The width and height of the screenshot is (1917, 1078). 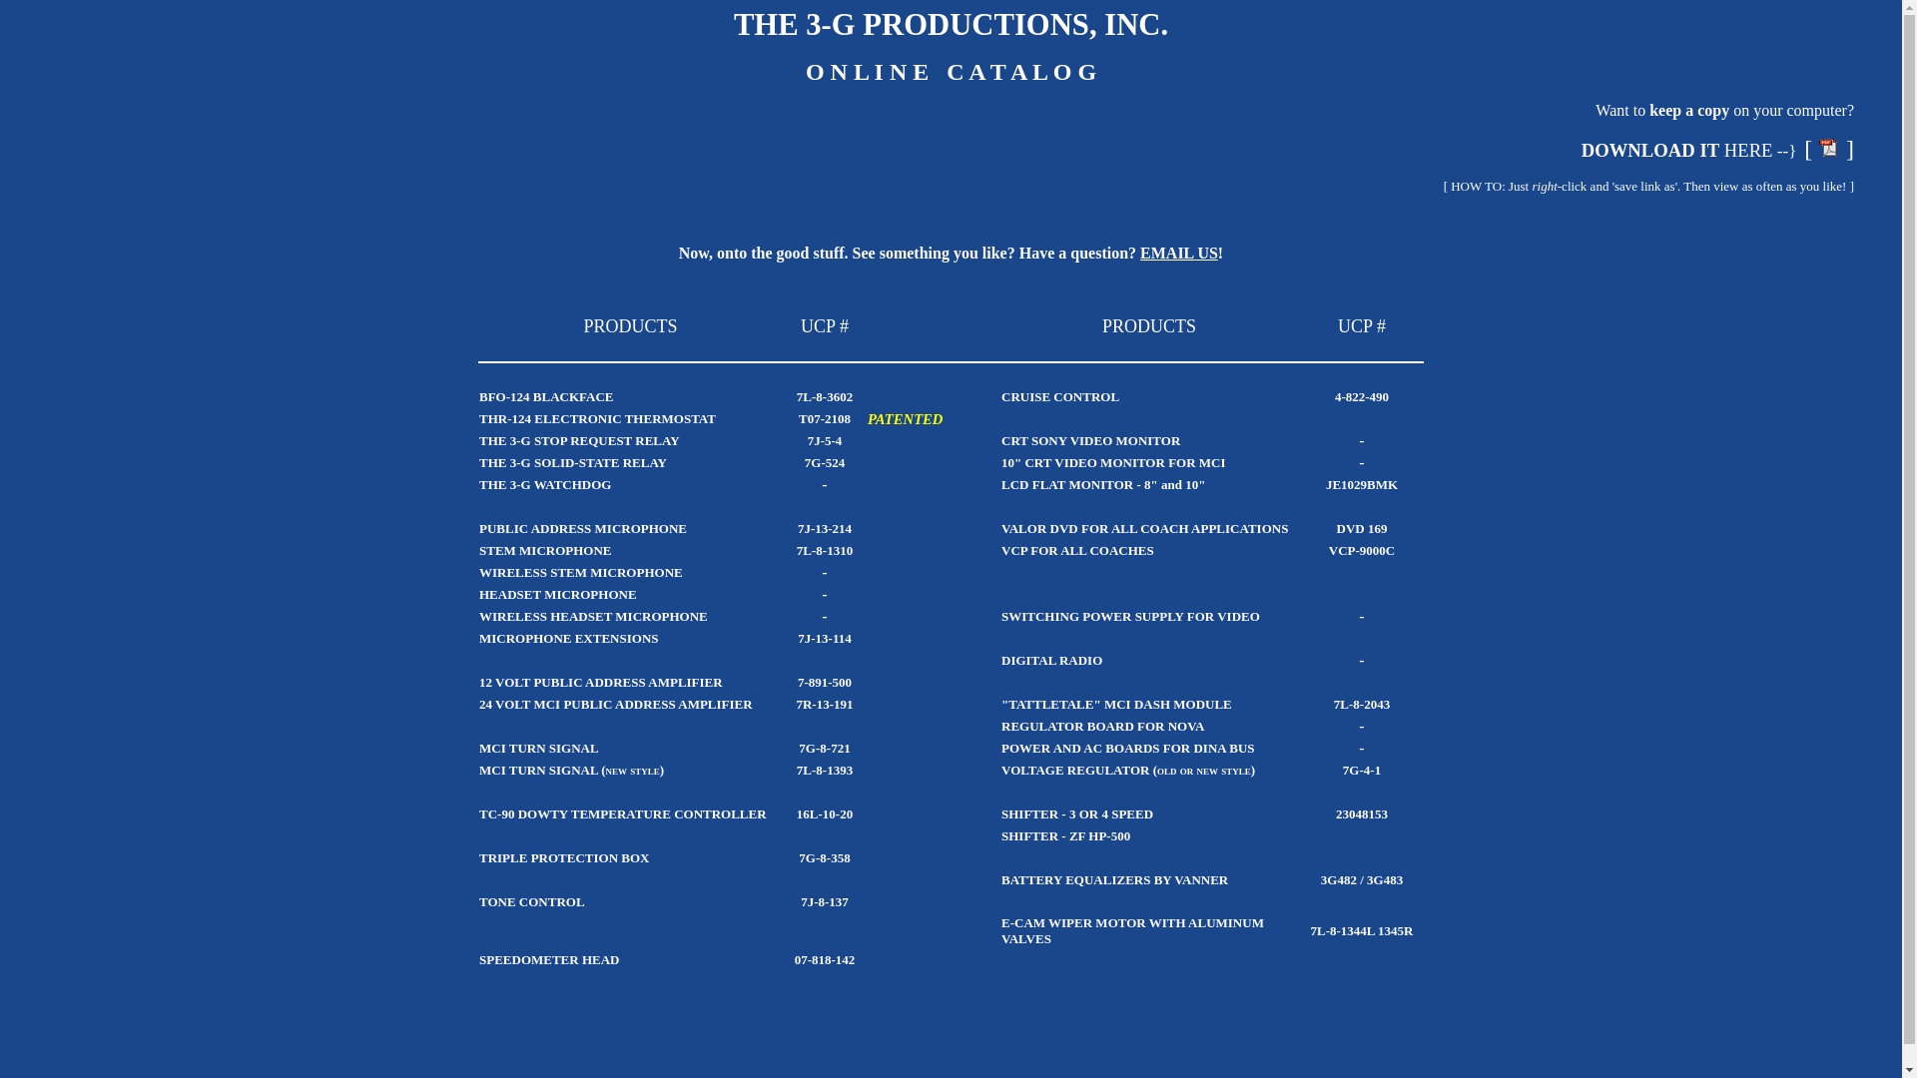 I want to click on 'E-CAM WIPER MOTOR WITH ALUMINUM VALVES', so click(x=1132, y=930).